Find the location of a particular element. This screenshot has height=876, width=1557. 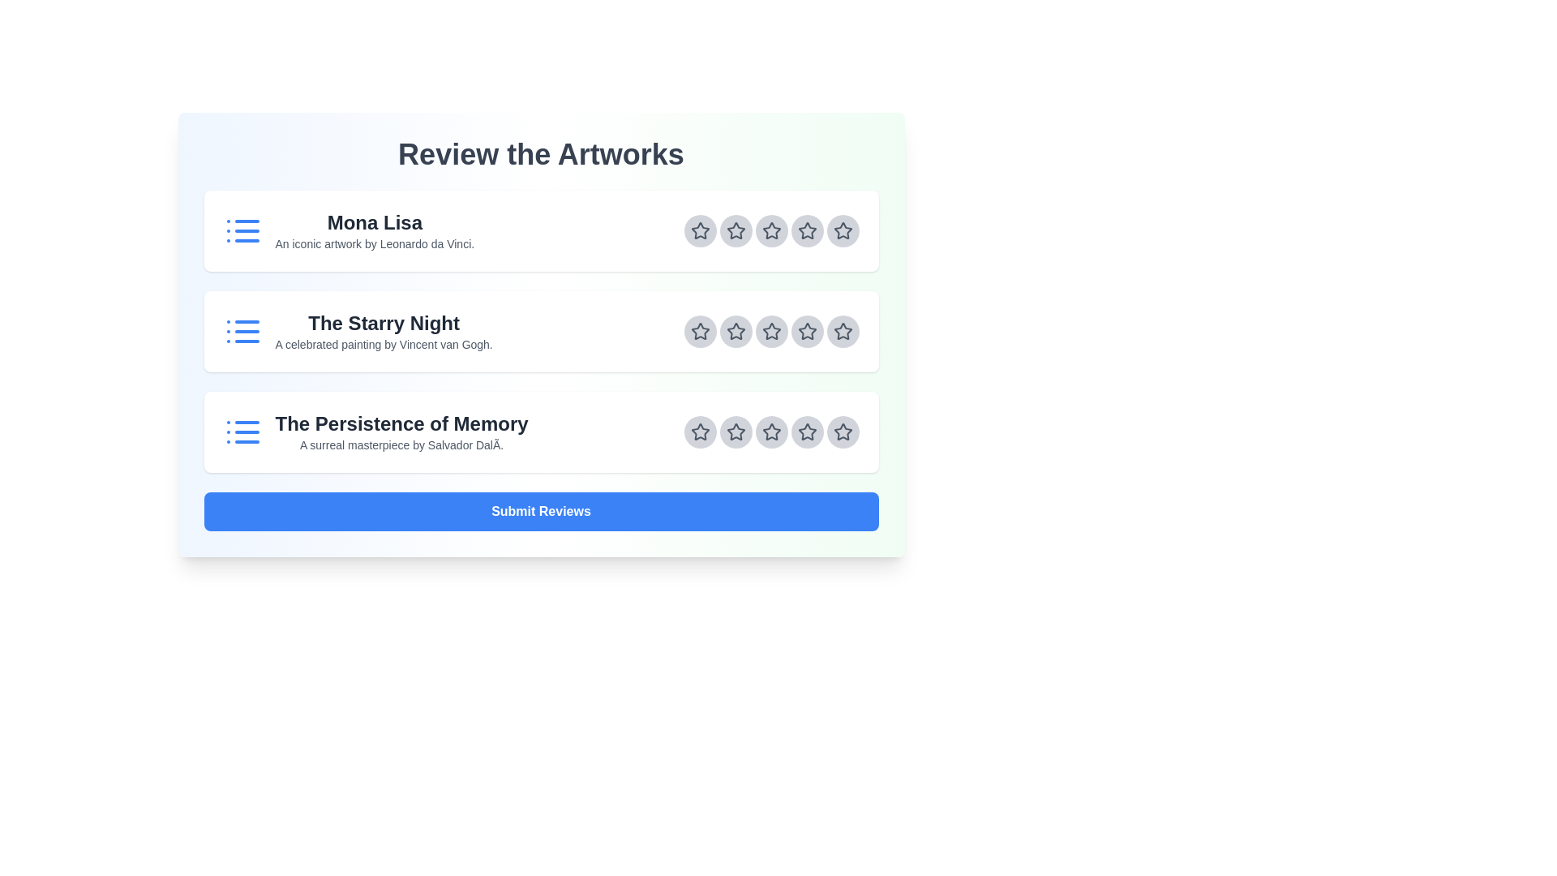

the 'Submit Reviews' button to submit the reviews is located at coordinates (541, 512).